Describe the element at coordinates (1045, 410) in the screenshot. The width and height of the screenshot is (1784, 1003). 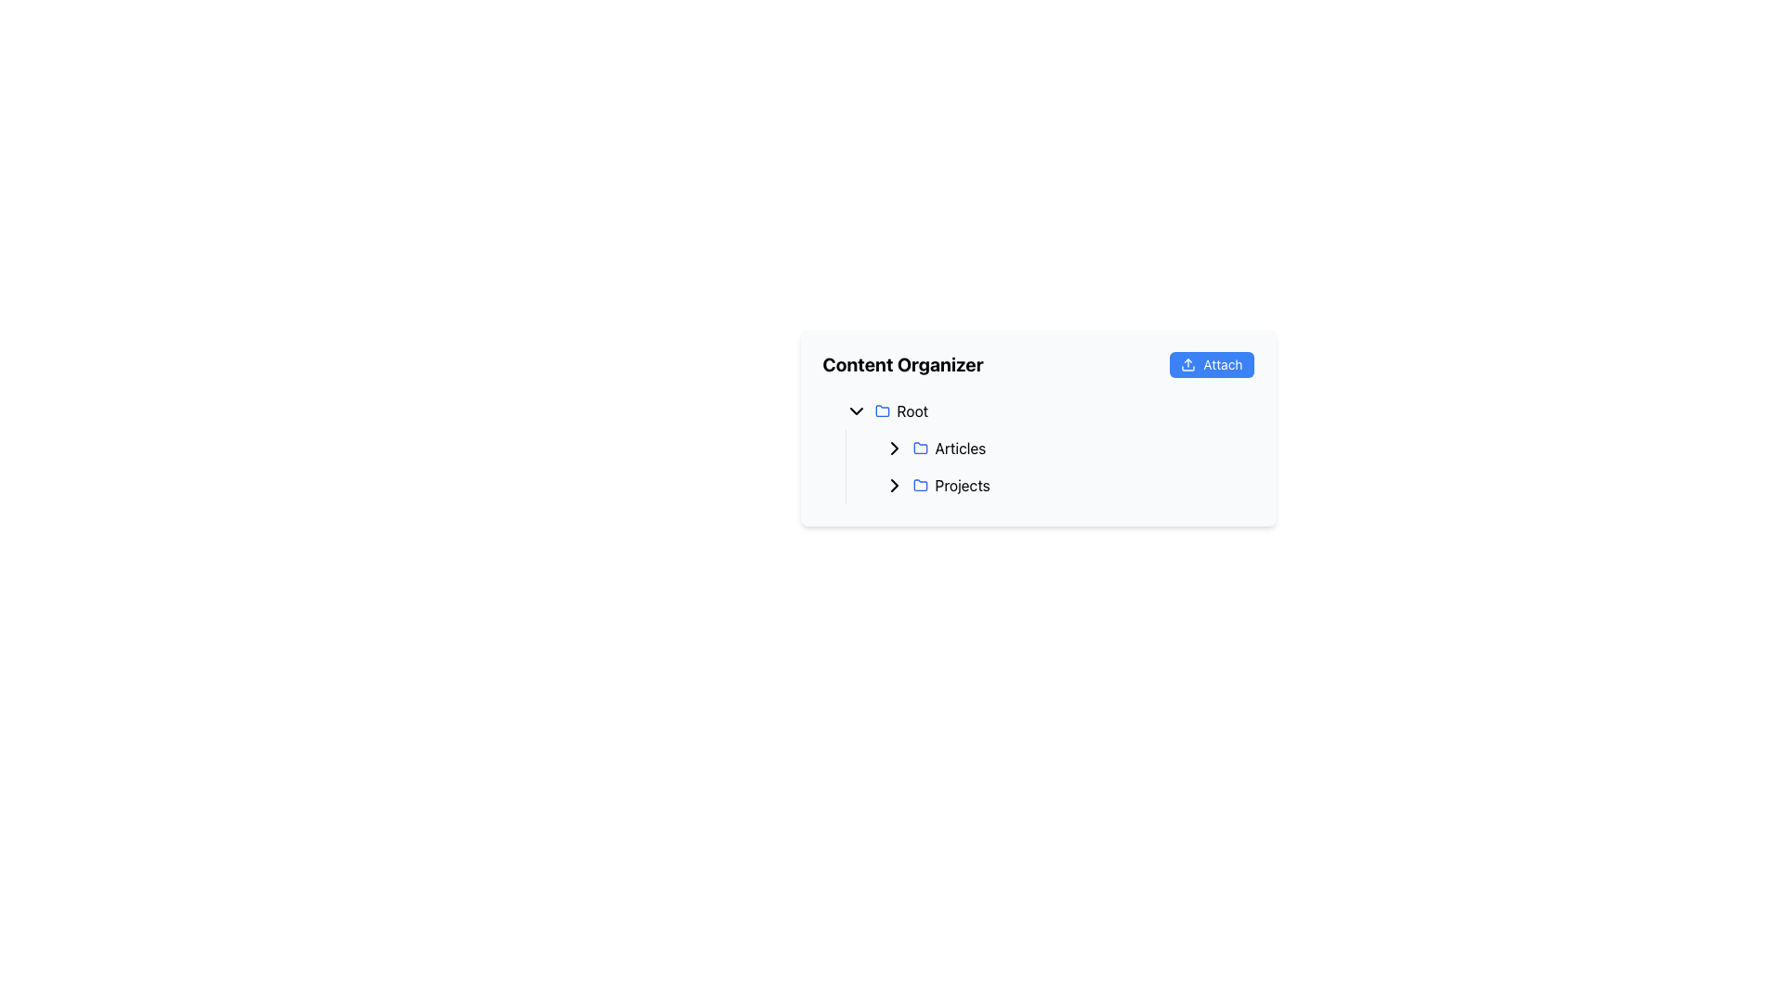
I see `the first interactive list item representing the root folder in the 'Content Organizer' panel, which is located near the top left and allows for selecting or expanding actions` at that location.